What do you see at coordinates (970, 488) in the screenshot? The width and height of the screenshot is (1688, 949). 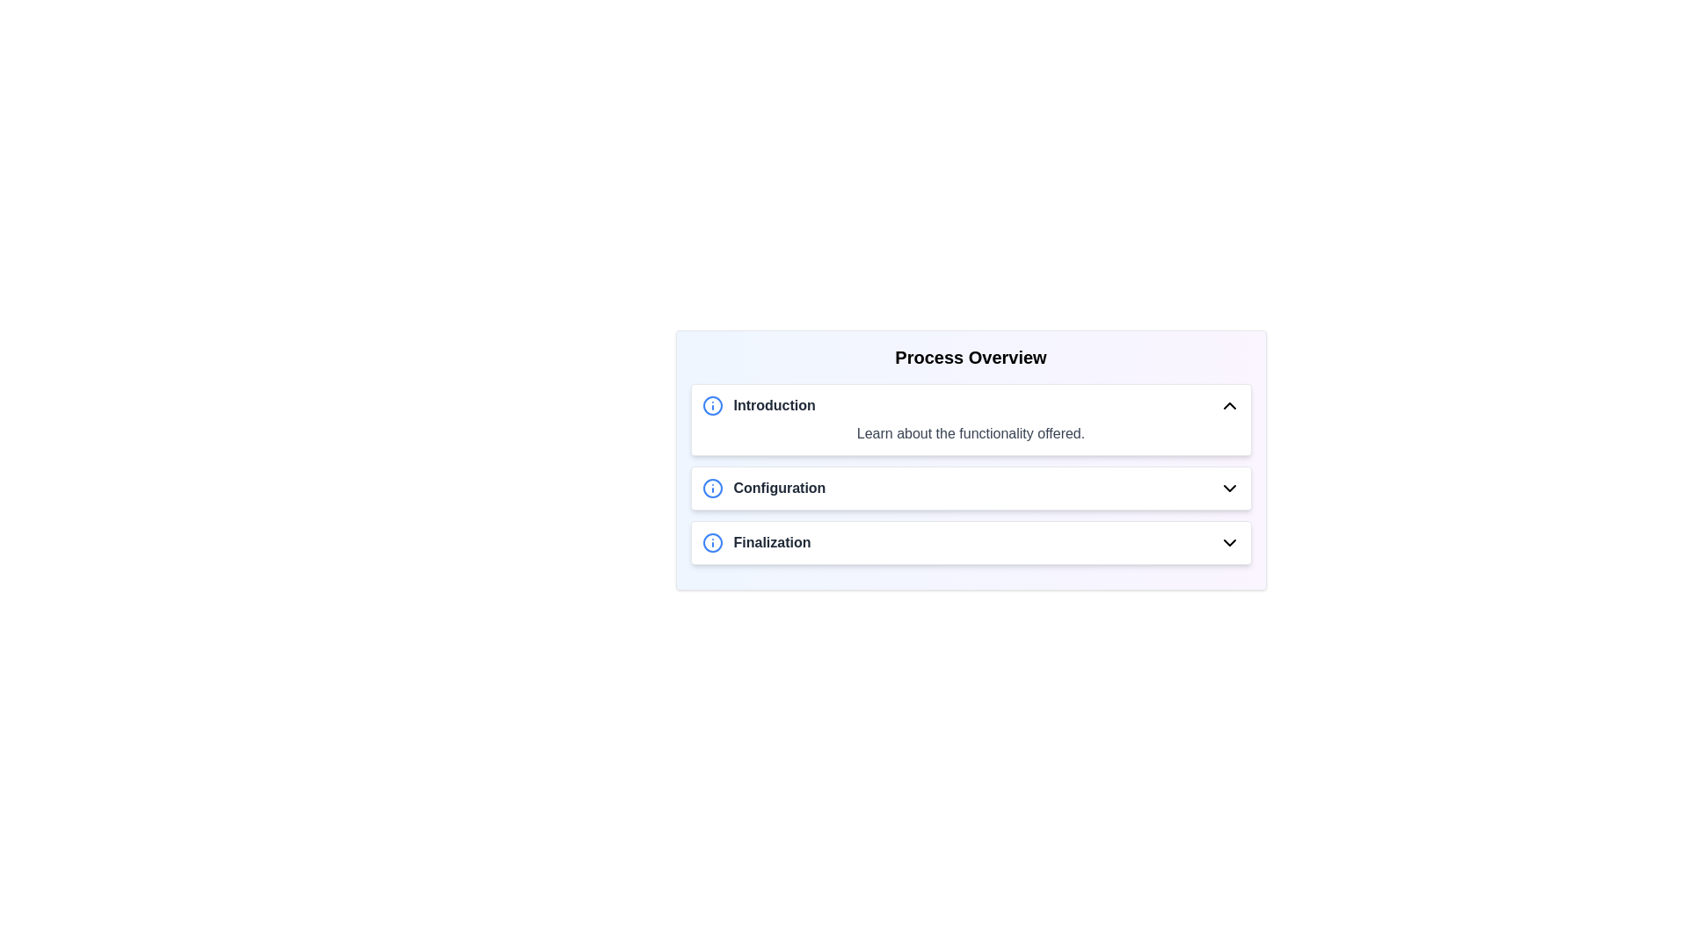 I see `the Collapsible Section Header in the Process Overview section for keyboard navigation` at bounding box center [970, 488].